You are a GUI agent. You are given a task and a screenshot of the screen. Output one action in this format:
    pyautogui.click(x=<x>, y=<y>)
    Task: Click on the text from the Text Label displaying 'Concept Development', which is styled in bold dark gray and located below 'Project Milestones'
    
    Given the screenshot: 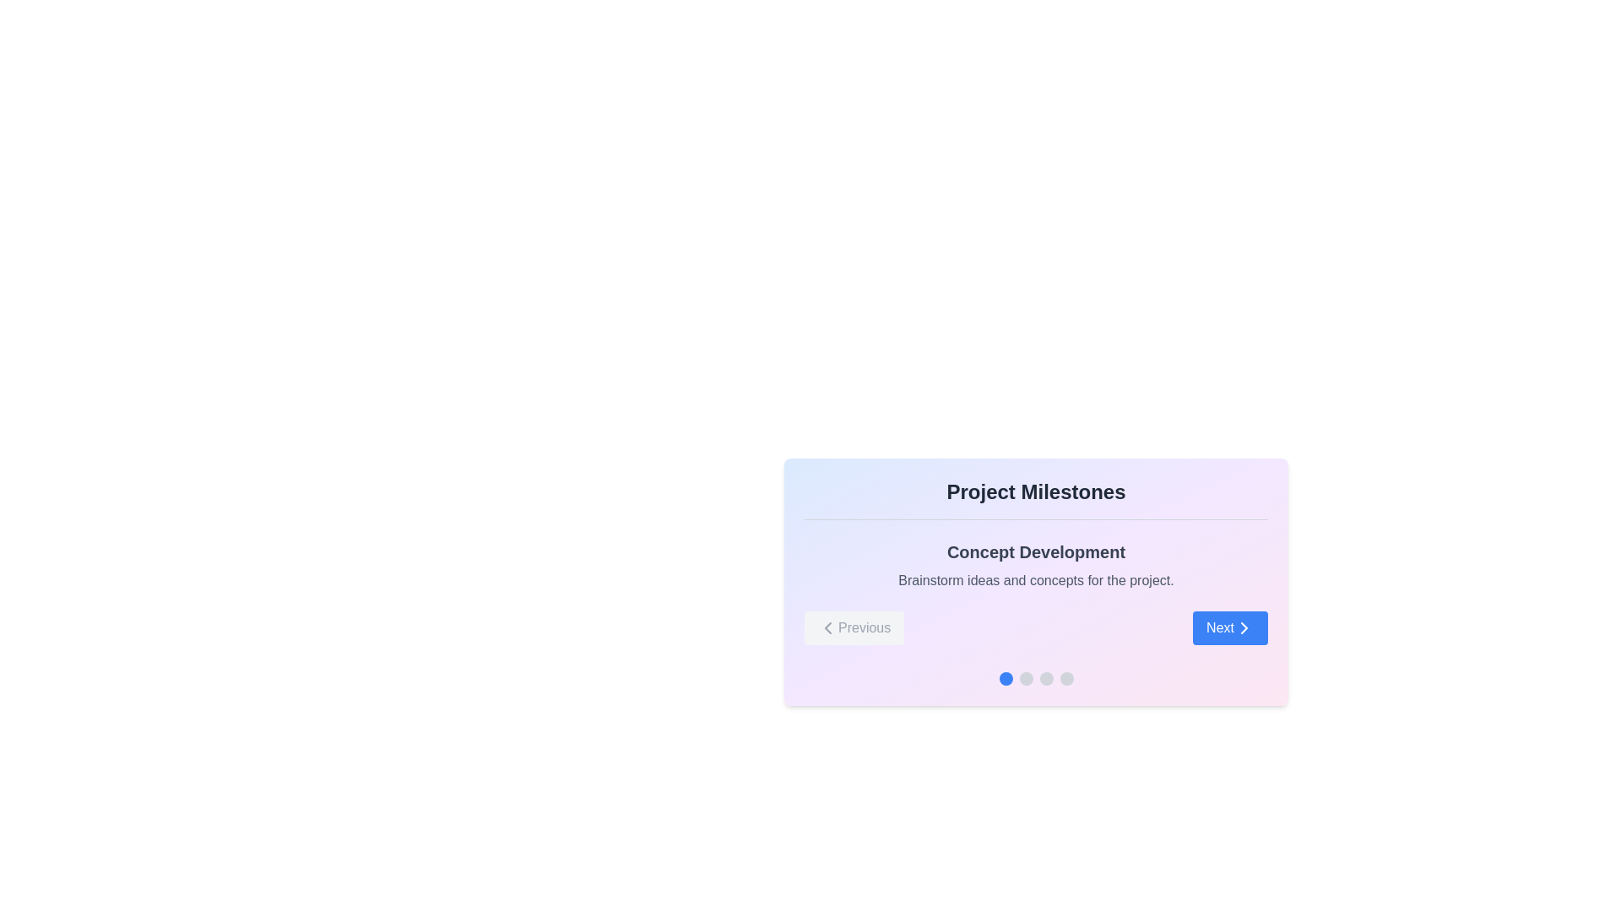 What is the action you would take?
    pyautogui.click(x=1035, y=552)
    